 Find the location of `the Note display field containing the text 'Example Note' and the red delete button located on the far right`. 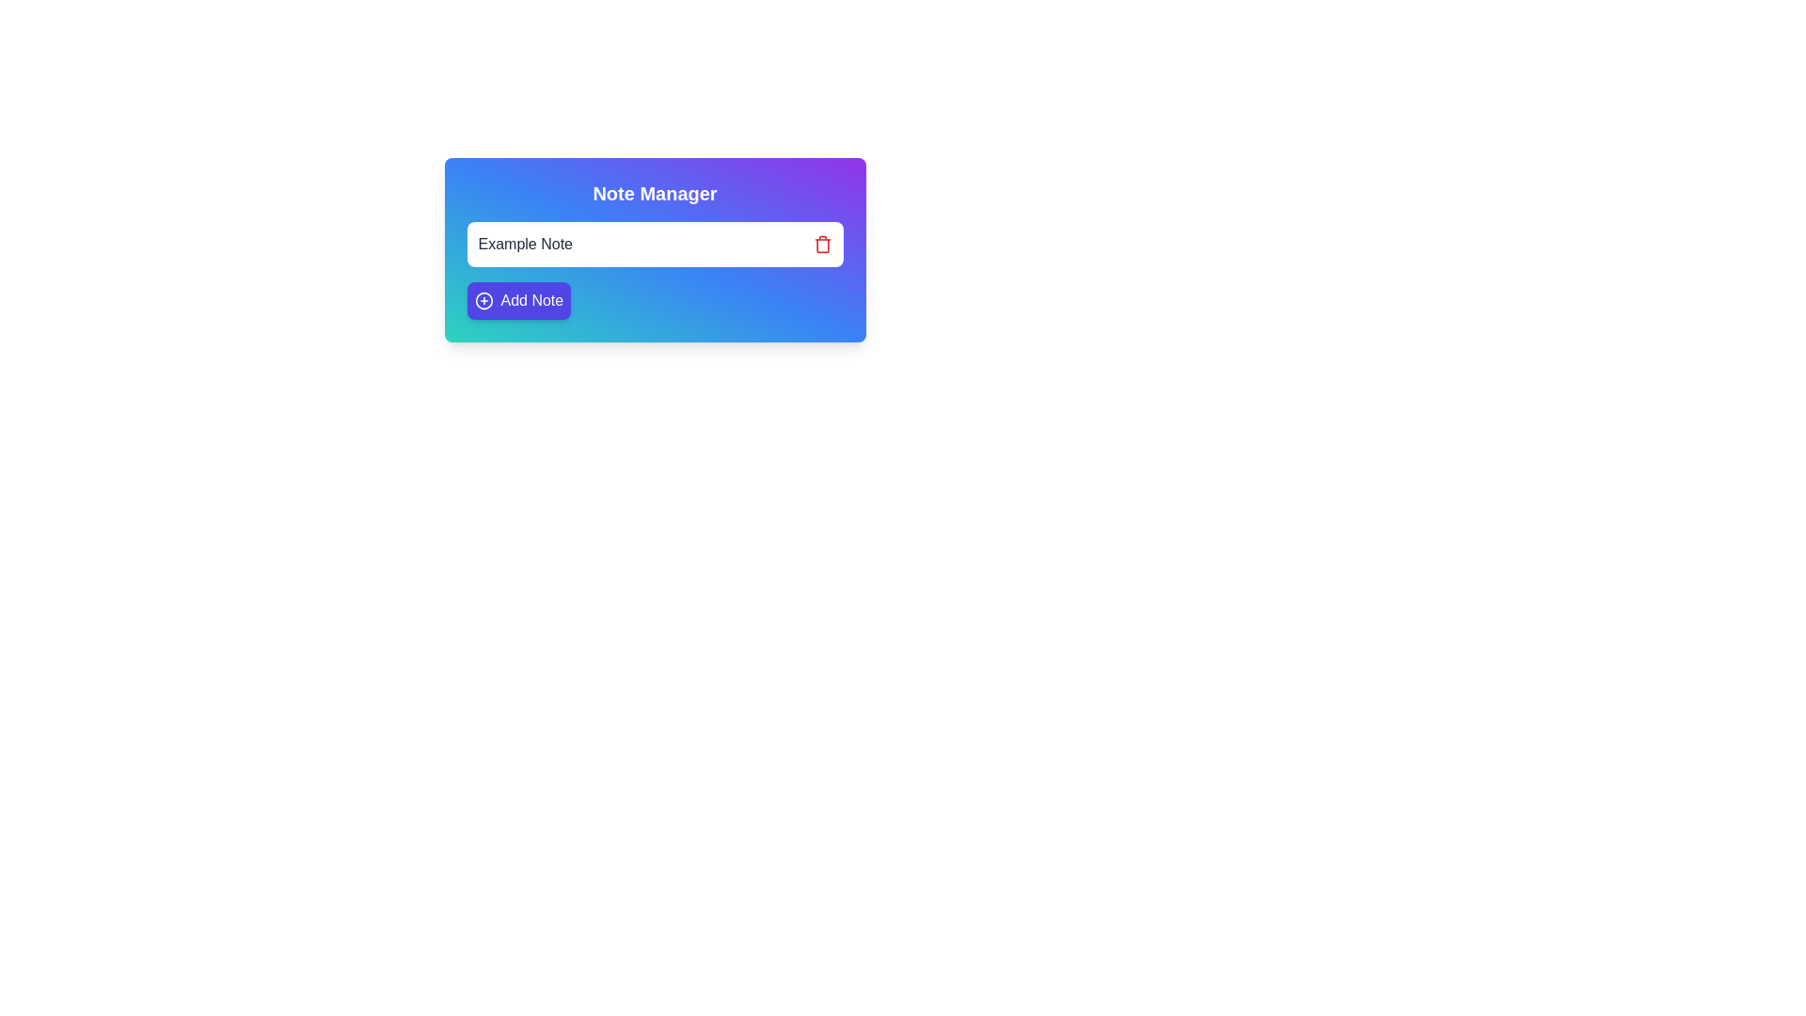

the Note display field containing the text 'Example Note' and the red delete button located on the far right is located at coordinates (655, 243).